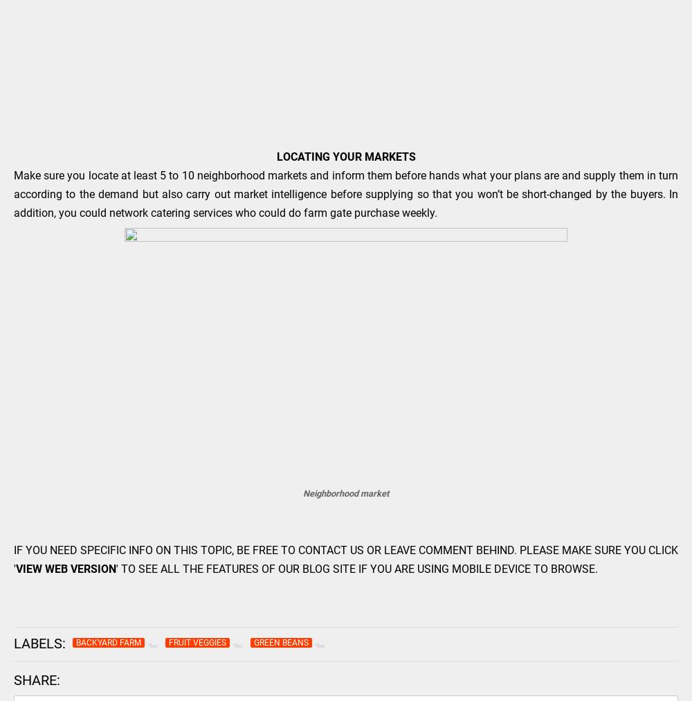 This screenshot has width=692, height=701. What do you see at coordinates (37, 680) in the screenshot?
I see `'SHARE:'` at bounding box center [37, 680].